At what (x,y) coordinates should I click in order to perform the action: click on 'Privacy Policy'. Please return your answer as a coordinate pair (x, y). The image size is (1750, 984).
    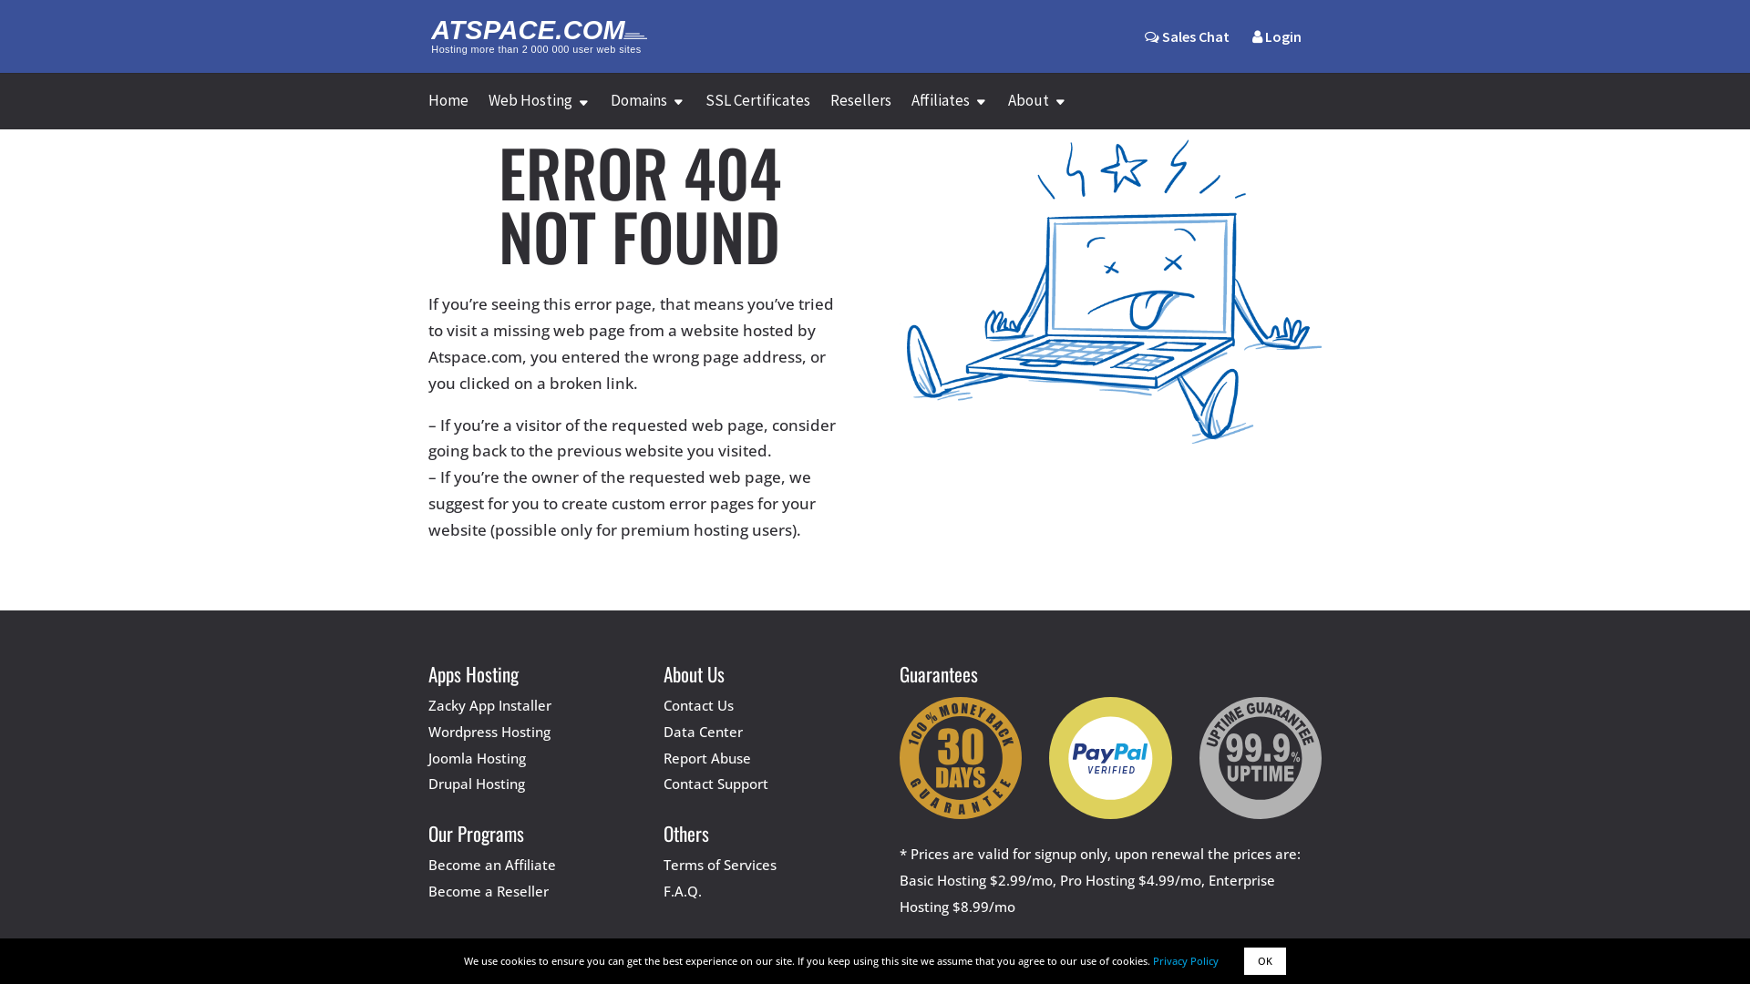
    Looking at the image, I should click on (1152, 959).